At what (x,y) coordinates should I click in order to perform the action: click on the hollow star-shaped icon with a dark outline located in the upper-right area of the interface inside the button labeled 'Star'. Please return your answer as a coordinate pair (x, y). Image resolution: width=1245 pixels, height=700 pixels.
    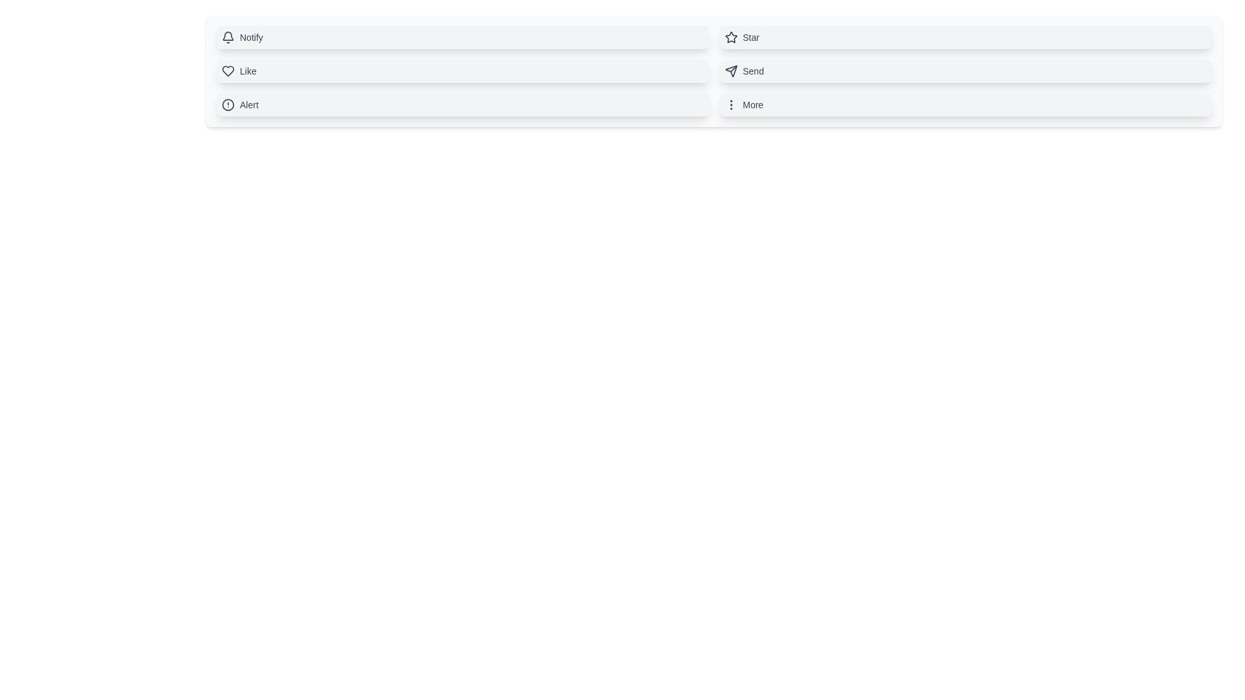
    Looking at the image, I should click on (731, 36).